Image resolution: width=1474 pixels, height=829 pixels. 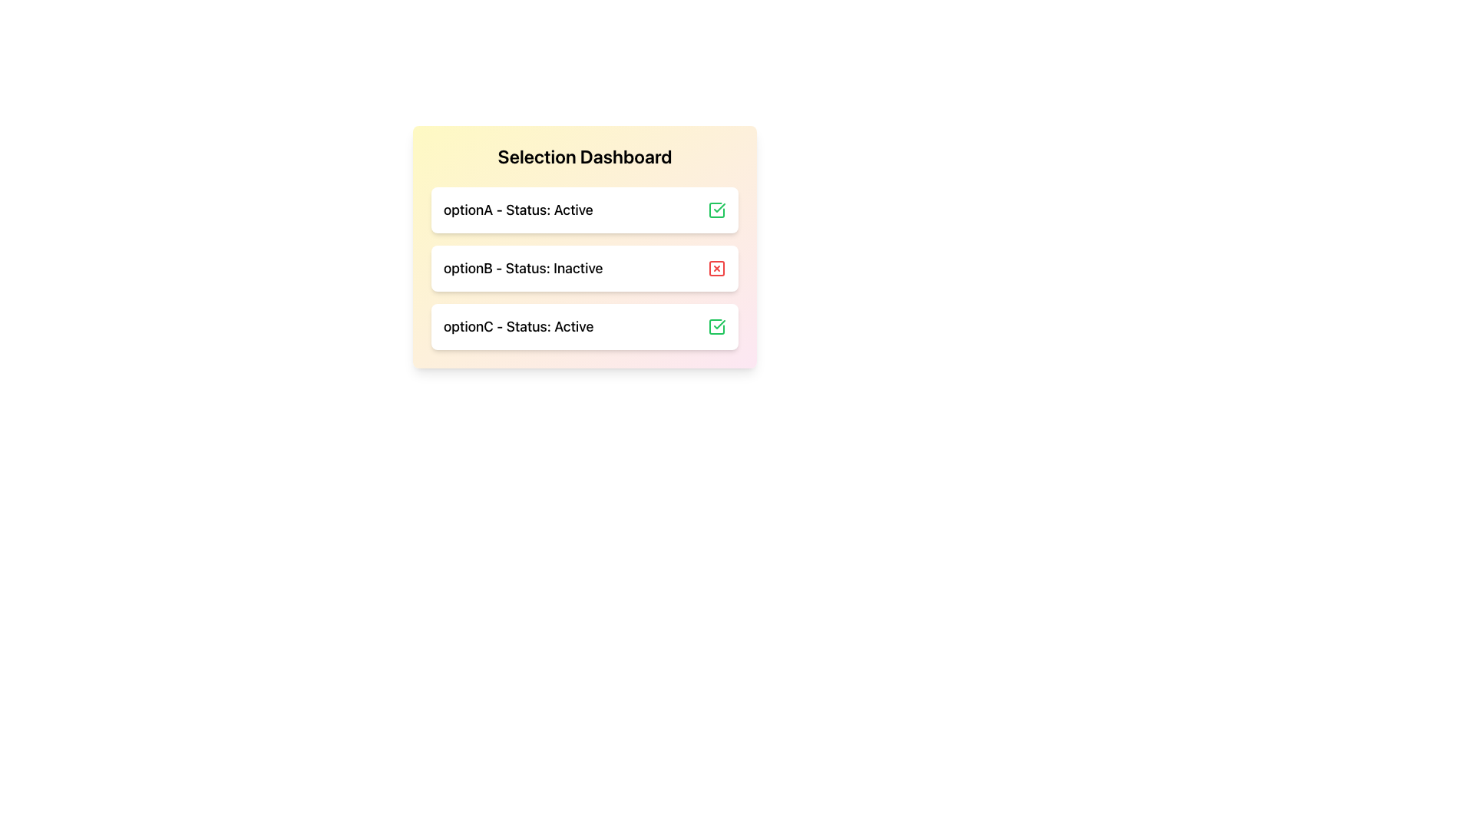 What do you see at coordinates (518, 210) in the screenshot?
I see `status information from the static text label that displays 'optionA - Status: Active', which indicates the active status of option A` at bounding box center [518, 210].